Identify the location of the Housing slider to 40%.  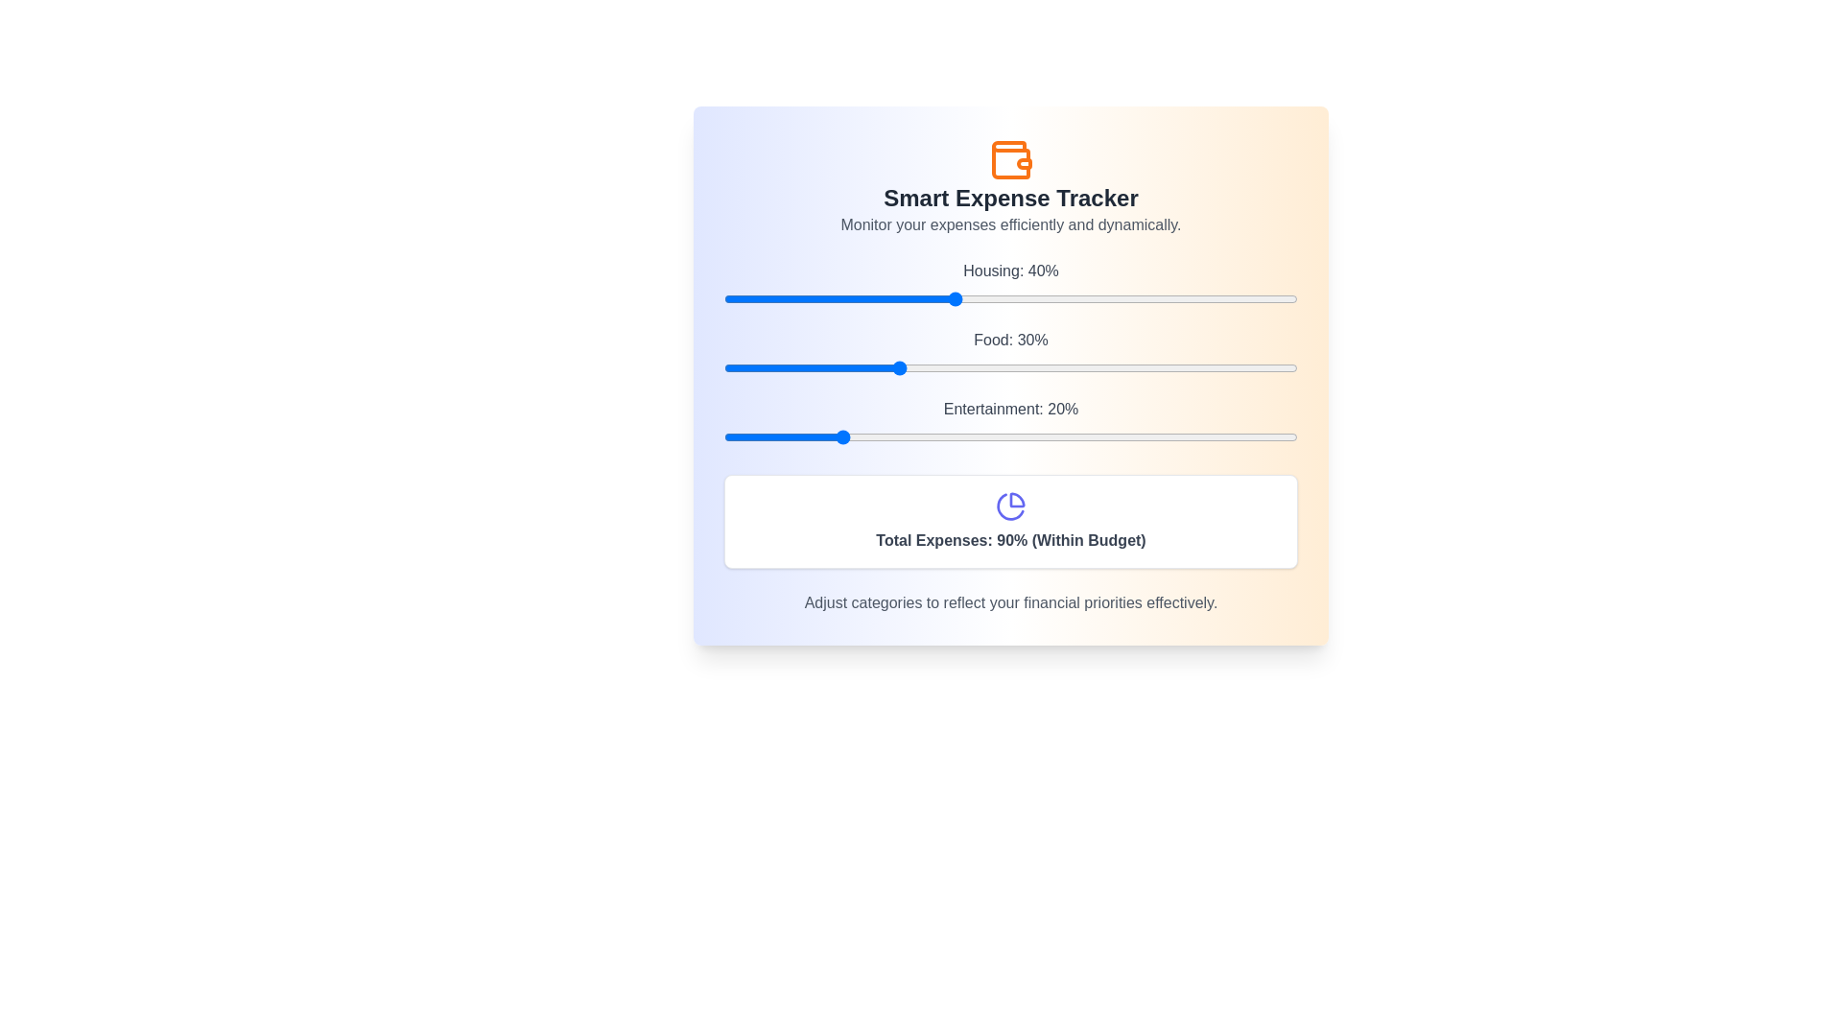
(954, 299).